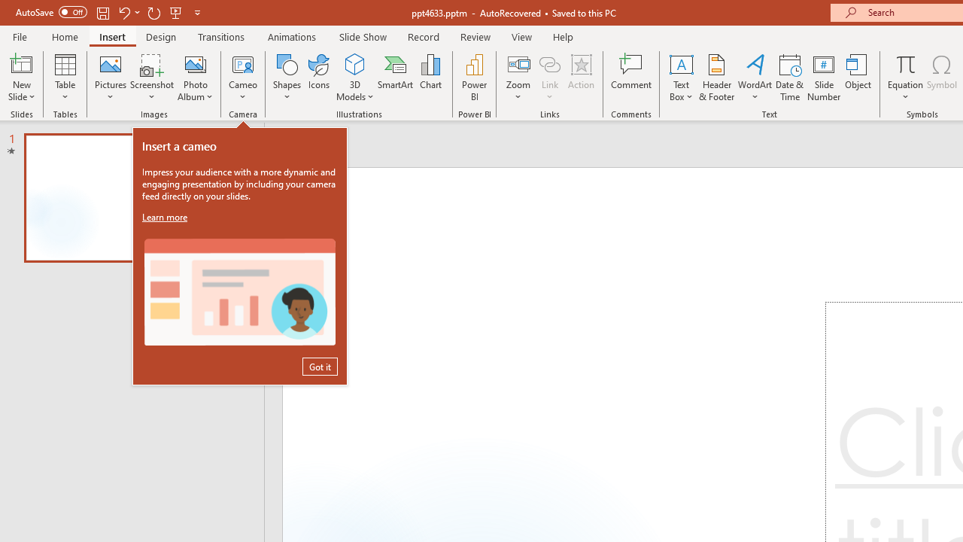  Describe the element at coordinates (941, 78) in the screenshot. I see `'Symbol...'` at that location.